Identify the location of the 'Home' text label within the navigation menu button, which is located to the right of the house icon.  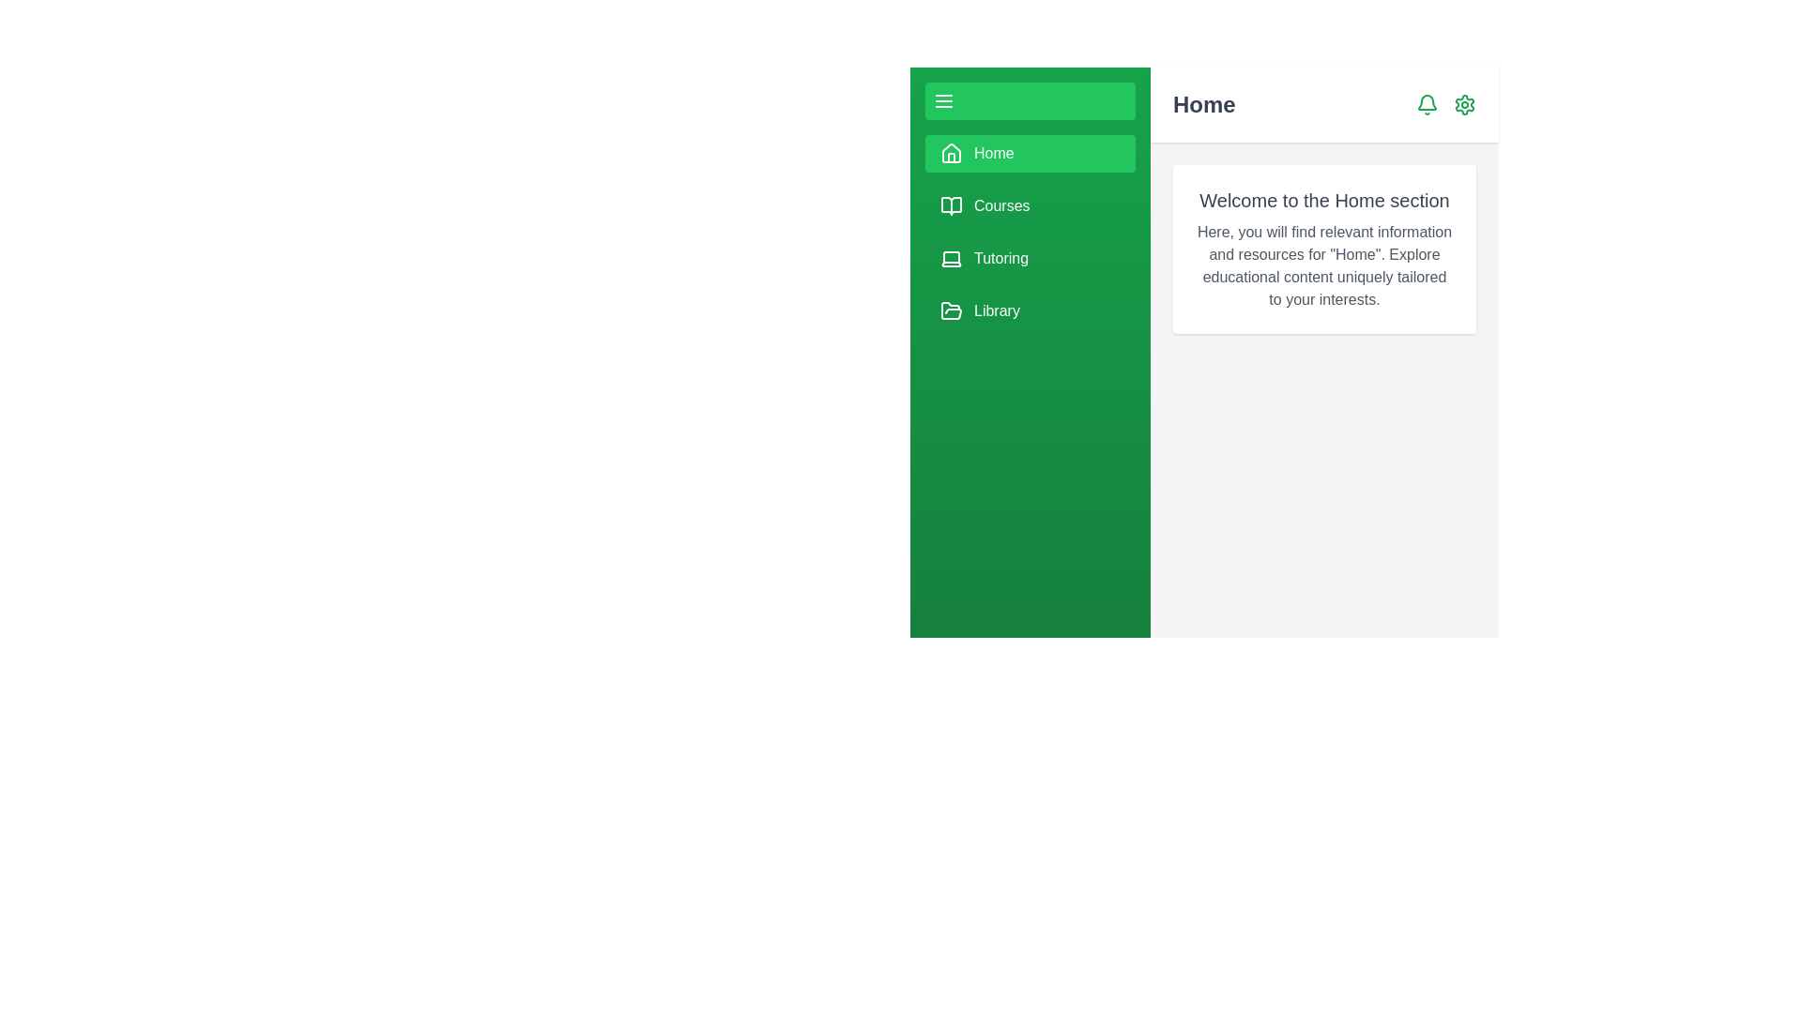
(993, 153).